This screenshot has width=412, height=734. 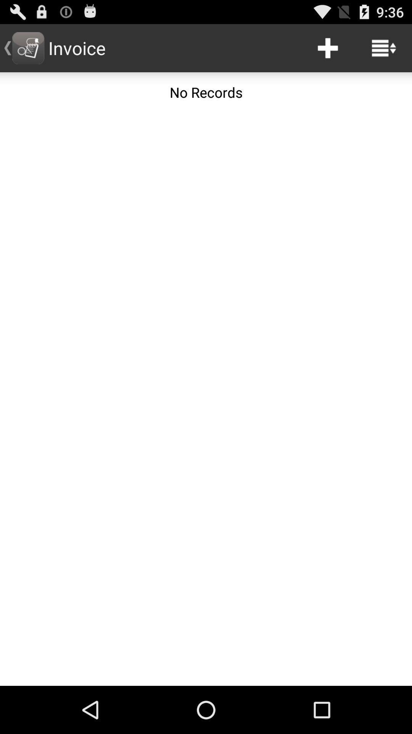 I want to click on the item to the right of the invoice app, so click(x=327, y=47).